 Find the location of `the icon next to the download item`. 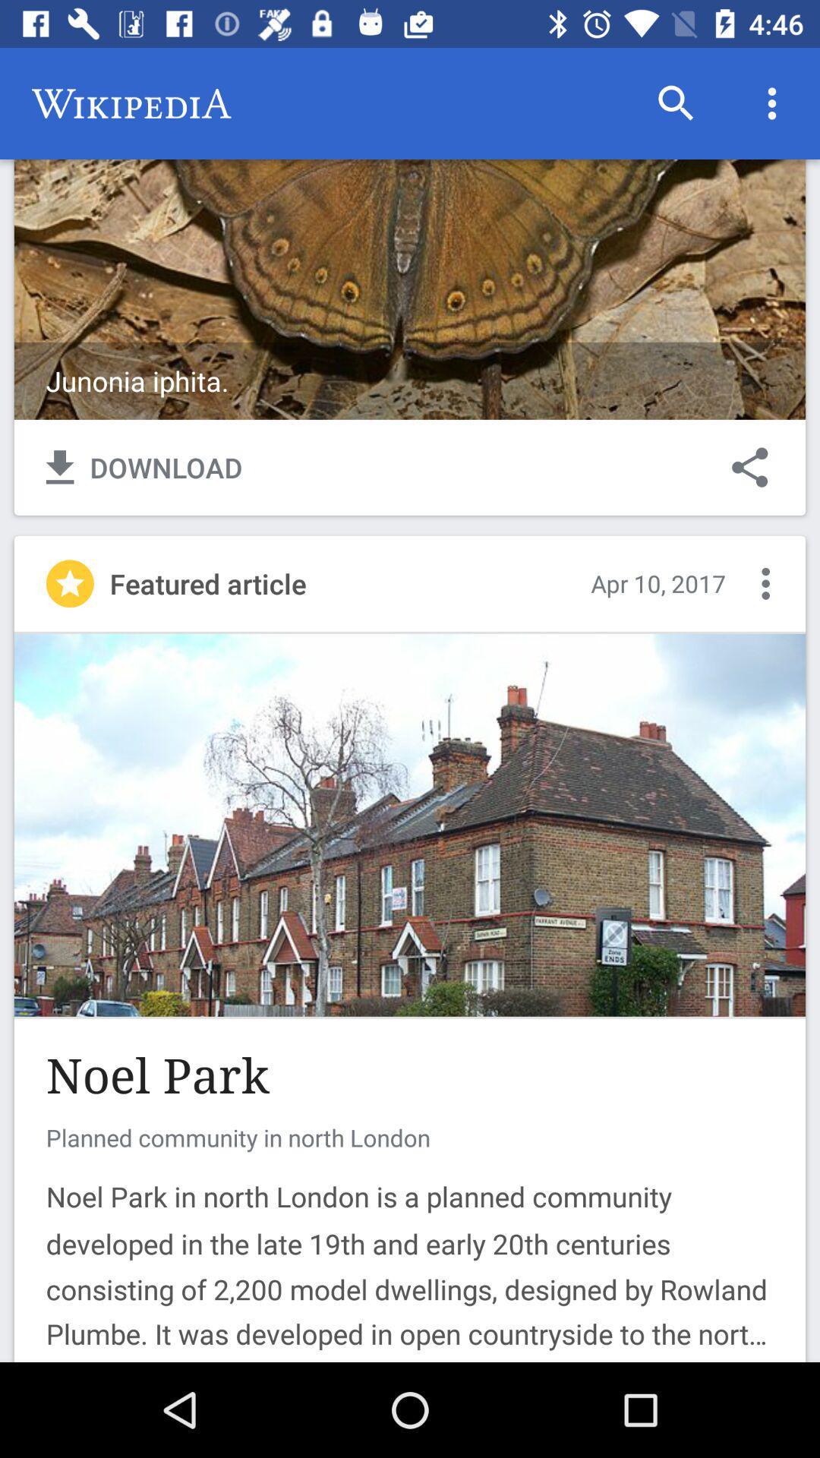

the icon next to the download item is located at coordinates (749, 466).